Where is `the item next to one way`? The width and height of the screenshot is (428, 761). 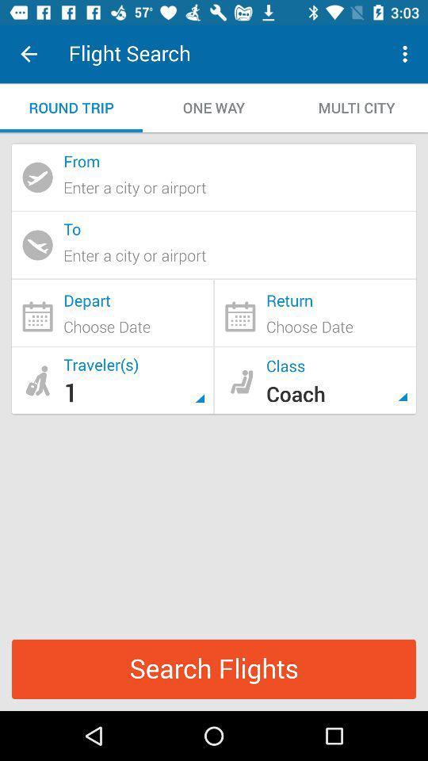
the item next to one way is located at coordinates (356, 107).